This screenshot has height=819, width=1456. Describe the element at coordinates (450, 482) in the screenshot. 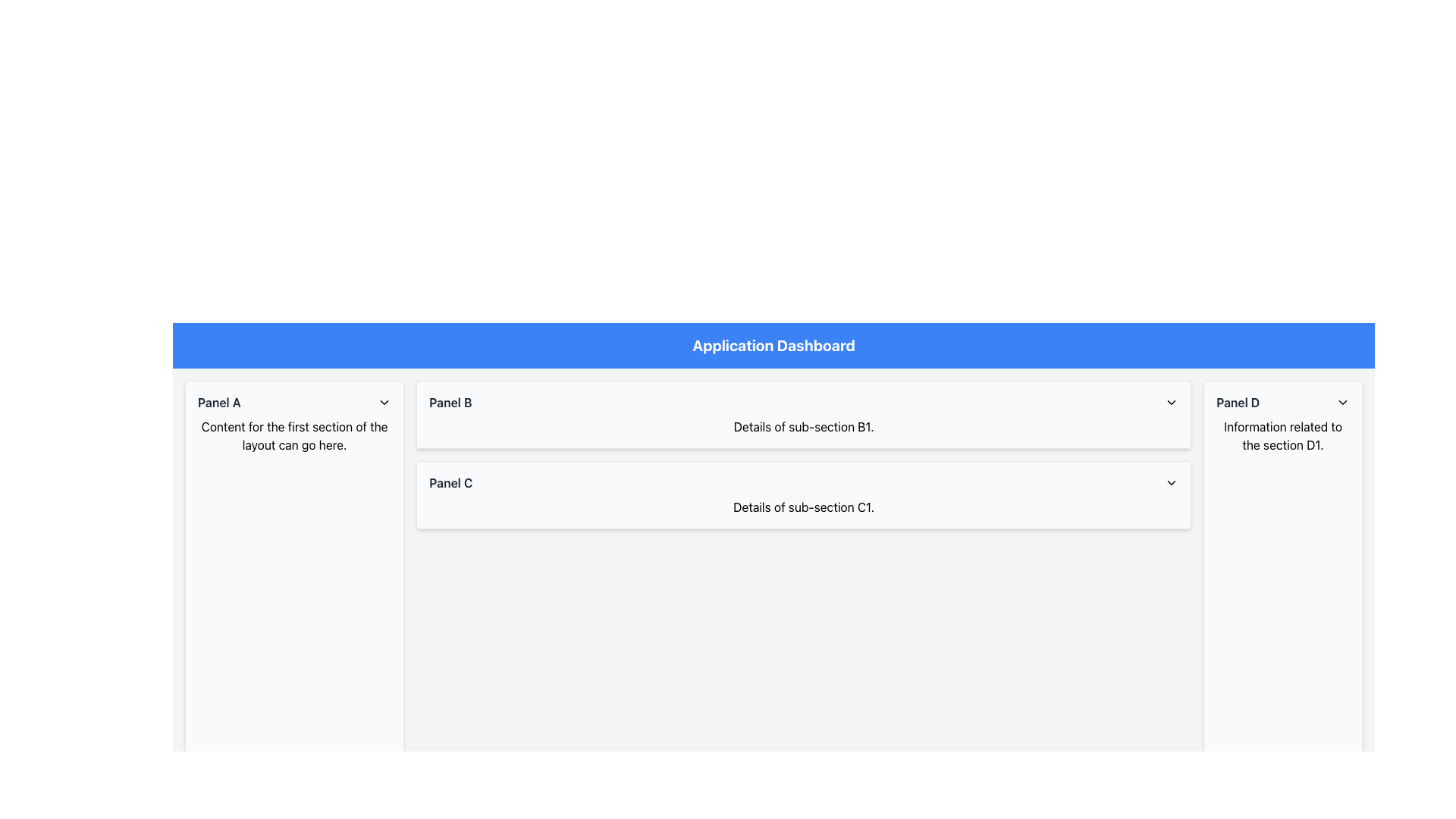

I see `label 'Panel C' displayed in bold font style and dark gray color, located in the middle section of the interface within the content card labeled as 'Panel C'` at that location.